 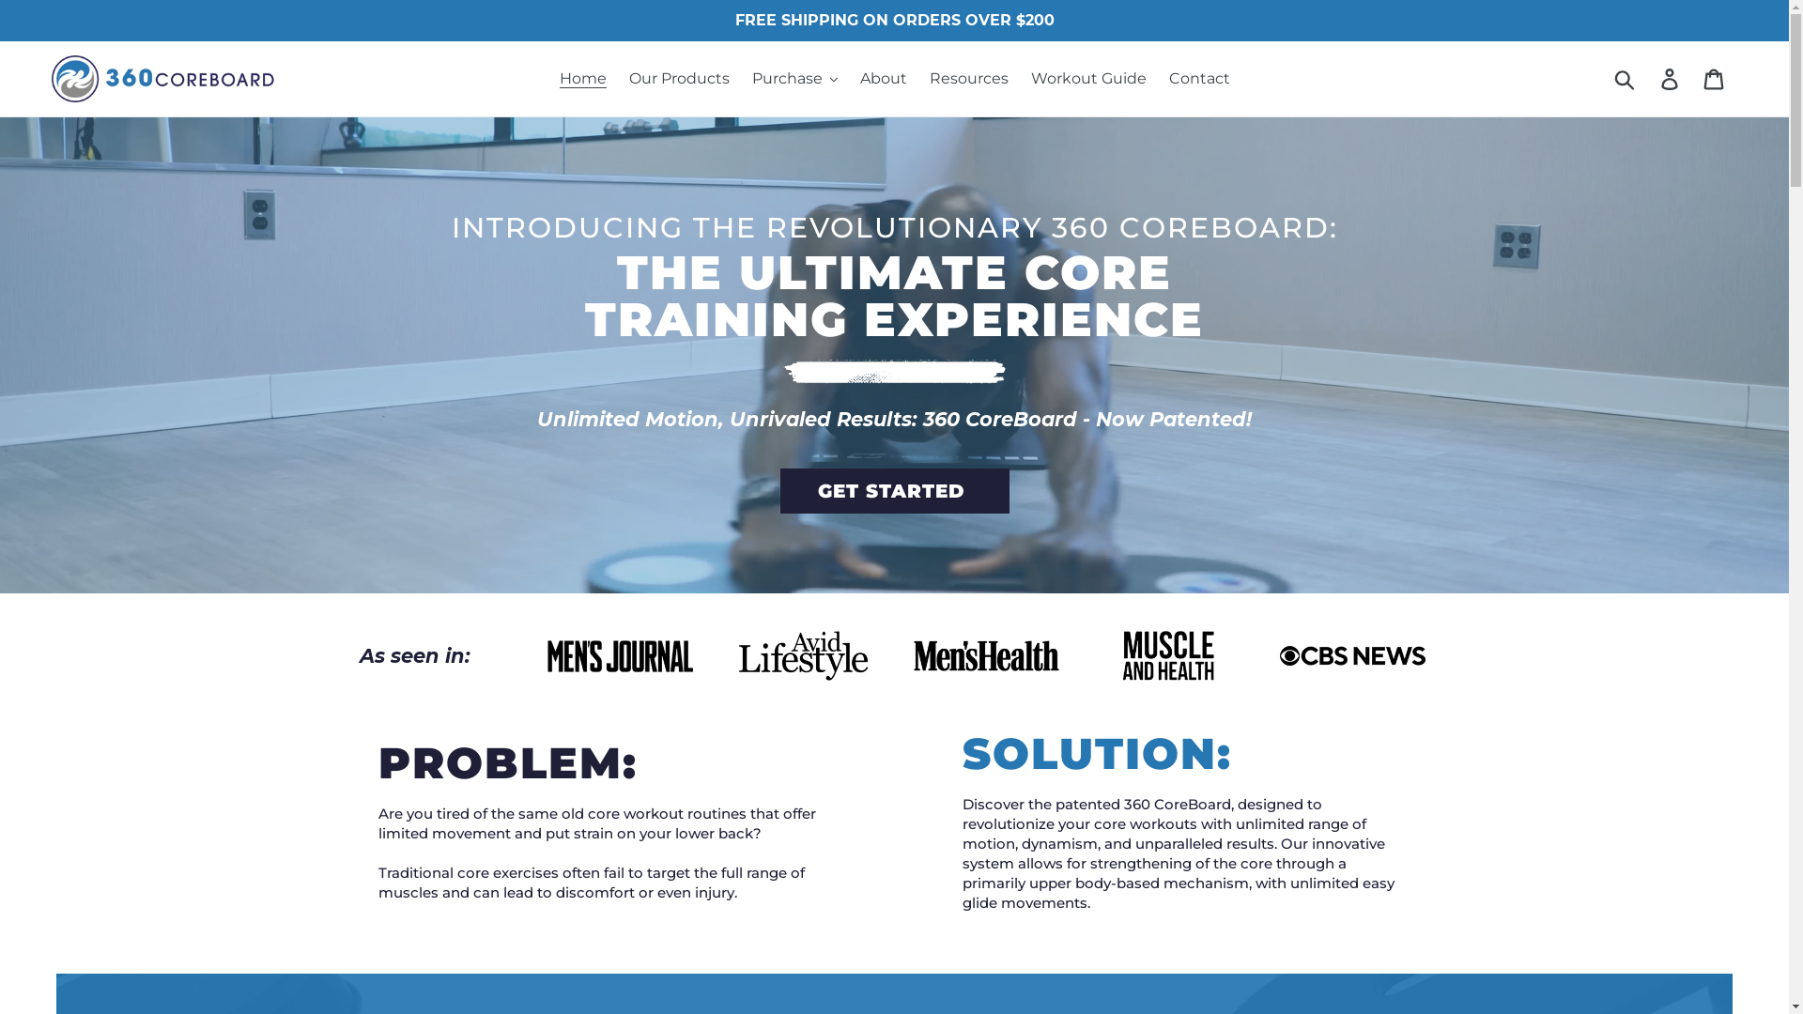 What do you see at coordinates (969, 78) in the screenshot?
I see `'Resources'` at bounding box center [969, 78].